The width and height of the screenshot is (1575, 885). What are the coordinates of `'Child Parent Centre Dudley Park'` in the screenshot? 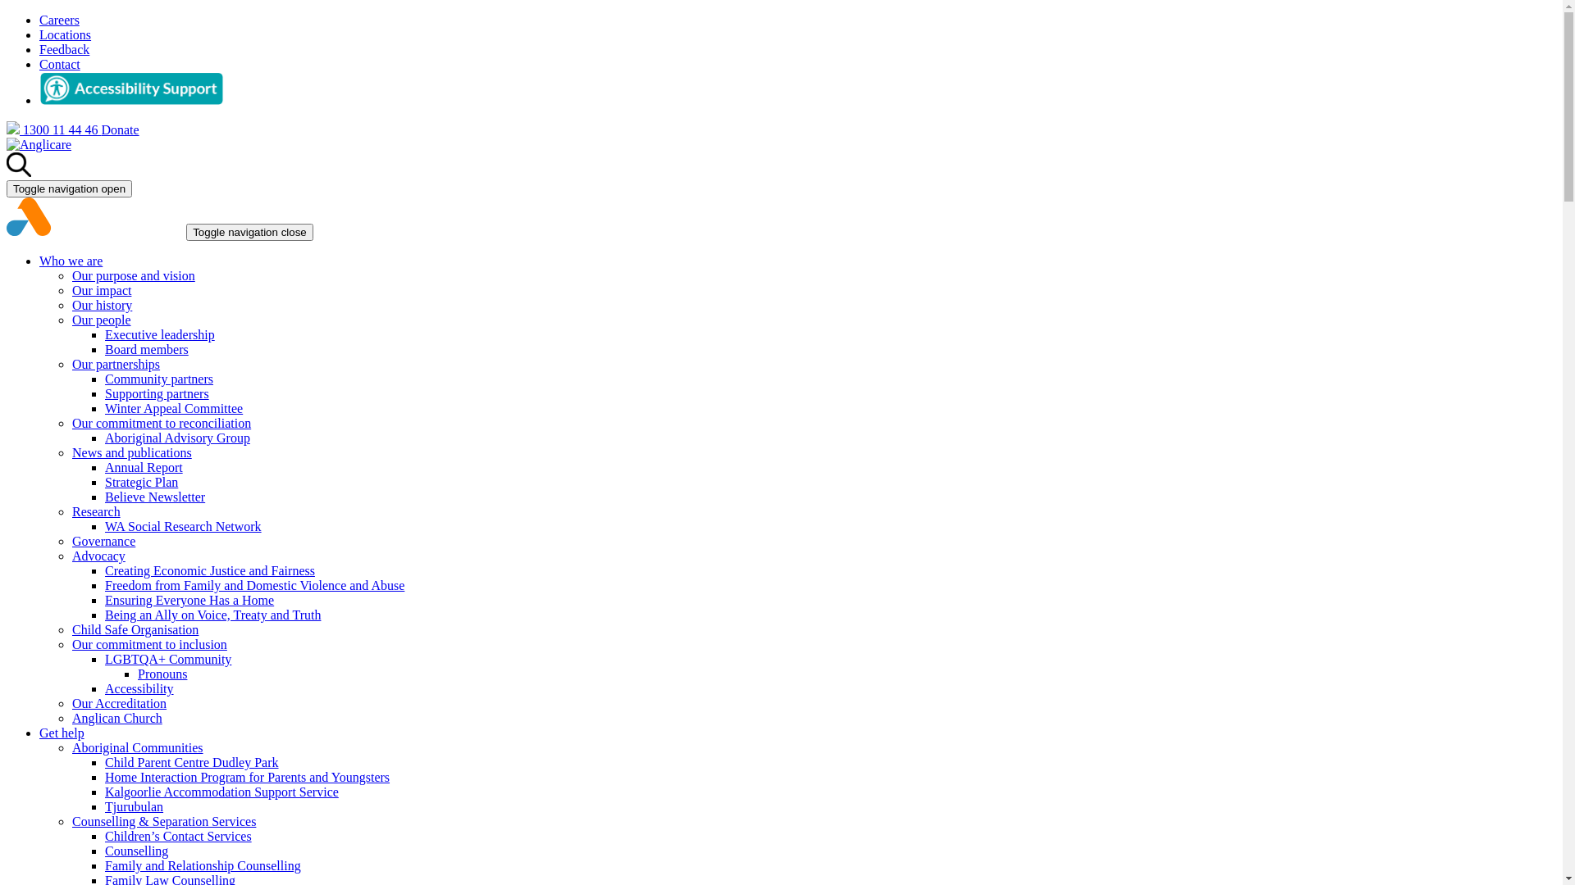 It's located at (192, 762).